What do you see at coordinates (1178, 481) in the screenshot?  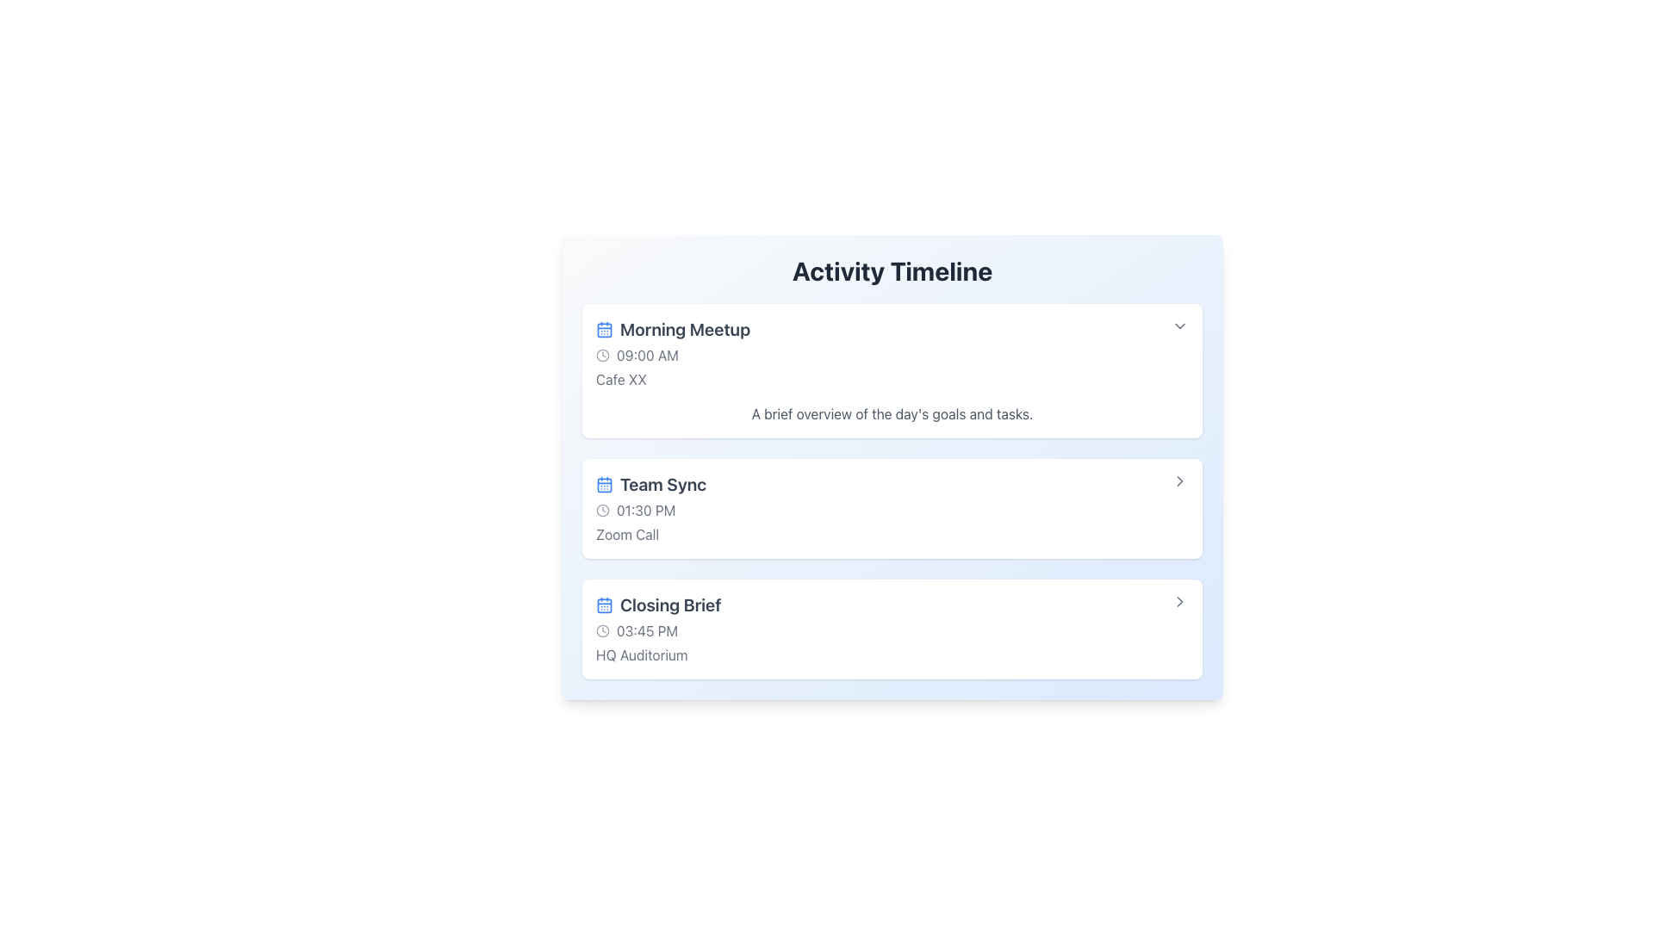 I see `the rightward arrow icon button located on the extreme right side of the 'Team Sync' card in the activity timeline` at bounding box center [1178, 481].